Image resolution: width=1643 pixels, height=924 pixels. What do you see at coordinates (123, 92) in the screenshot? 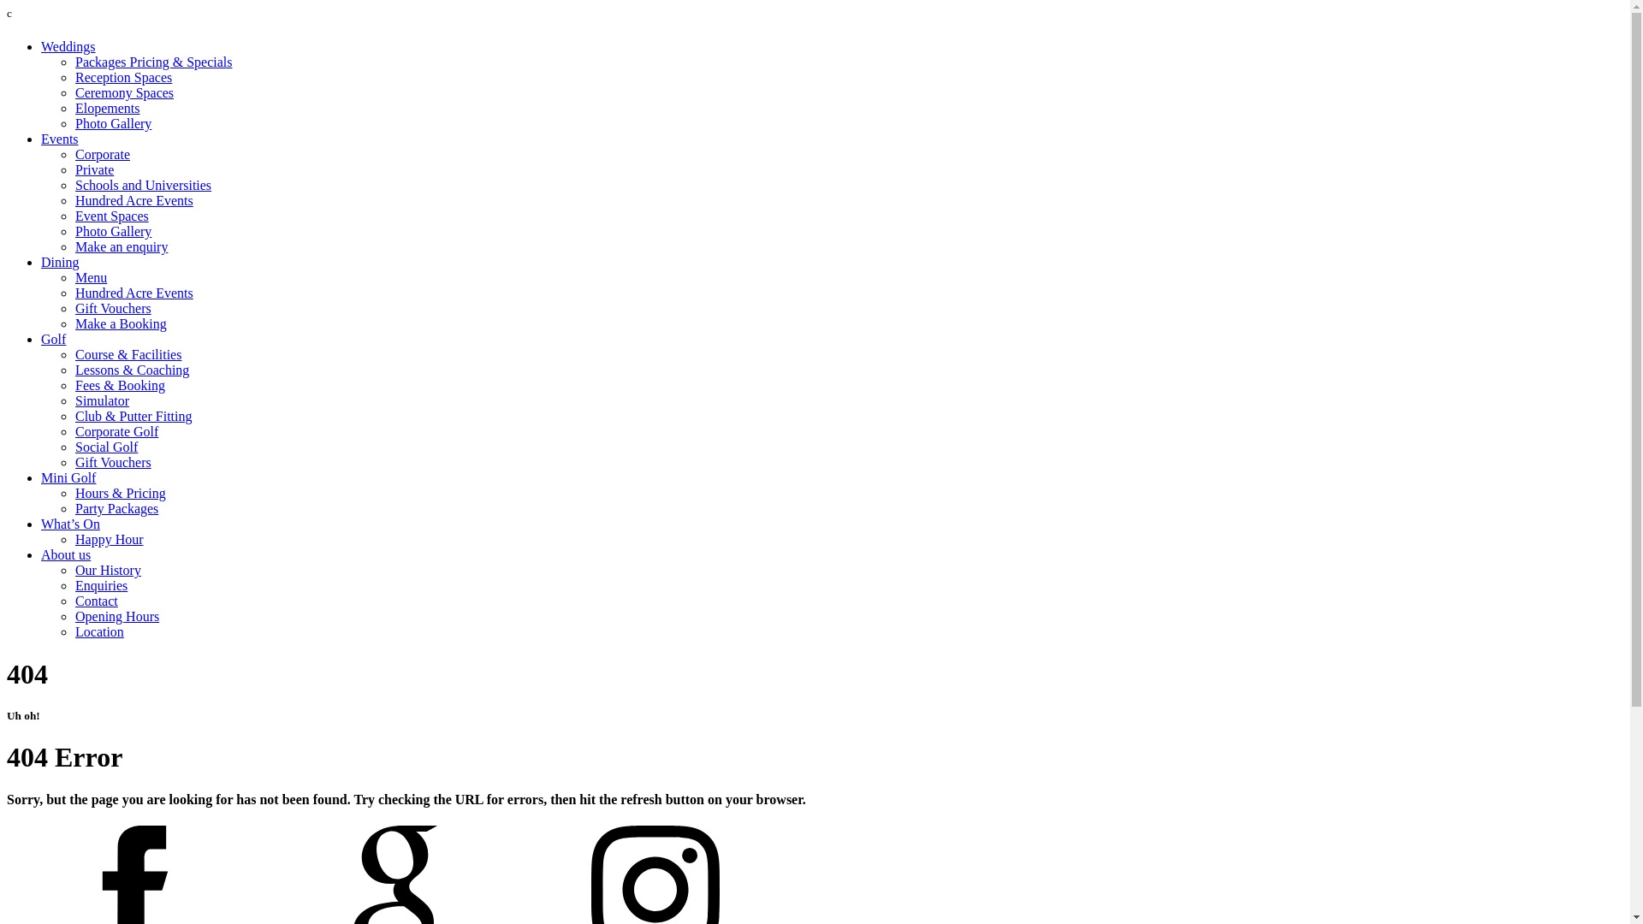
I see `'Ceremony Spaces'` at bounding box center [123, 92].